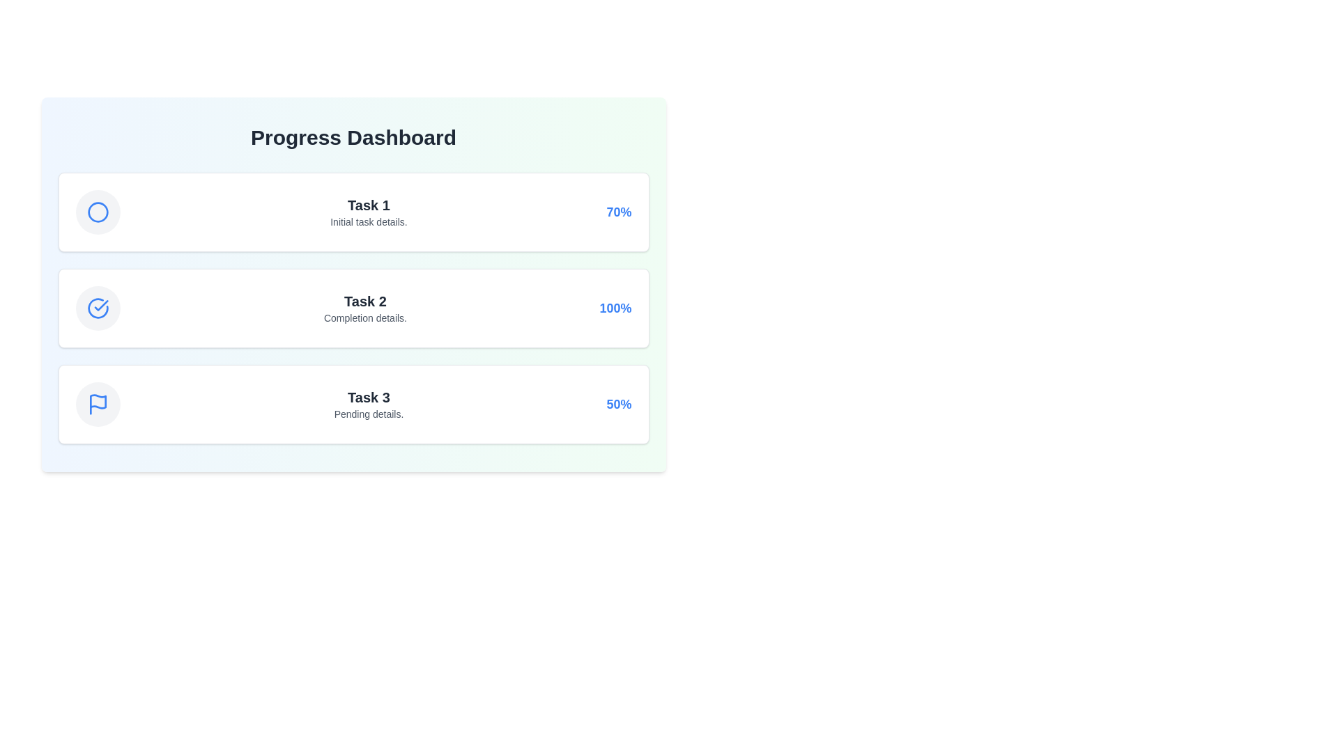 This screenshot has width=1338, height=752. Describe the element at coordinates (369, 212) in the screenshot. I see `title and brief description text displayed in the central text component of the card-like structure, located between an icon on the left and a percentage figure ('70%') on the right` at that location.